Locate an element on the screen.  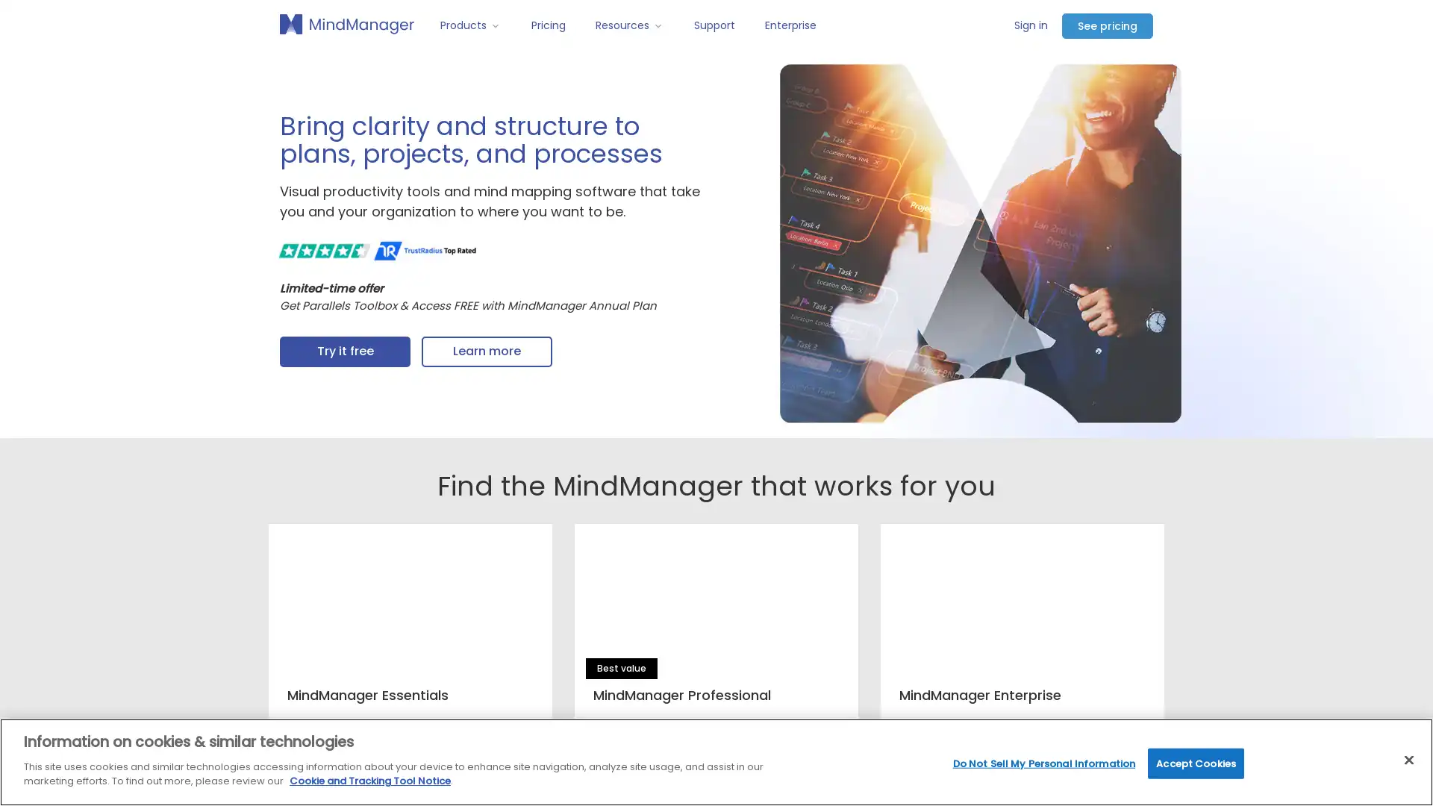
Do Not Sell My Personal Information is located at coordinates (1043, 763).